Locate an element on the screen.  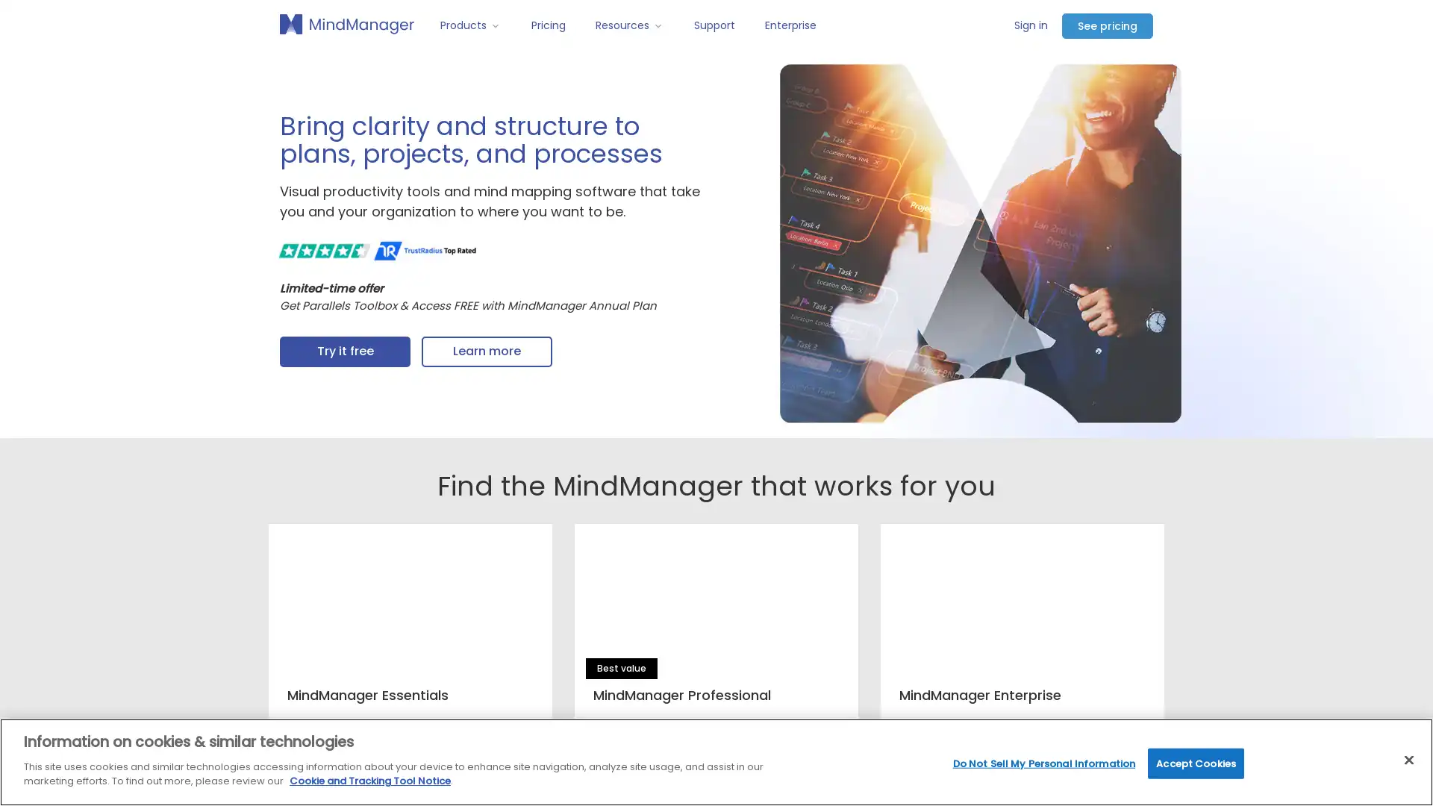
Do Not Sell My Personal Information is located at coordinates (1043, 763).